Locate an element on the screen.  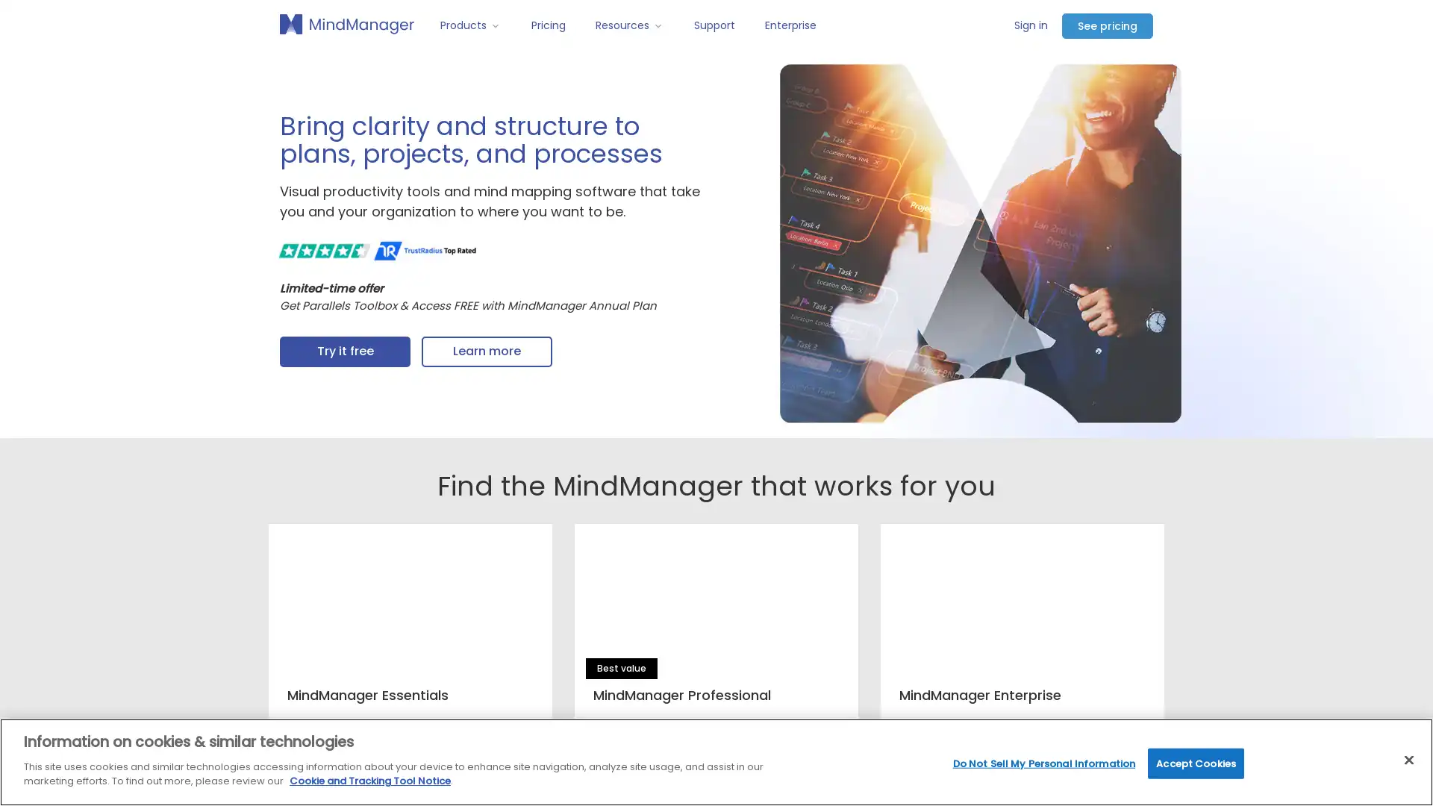
Do Not Sell My Personal Information is located at coordinates (1043, 763).